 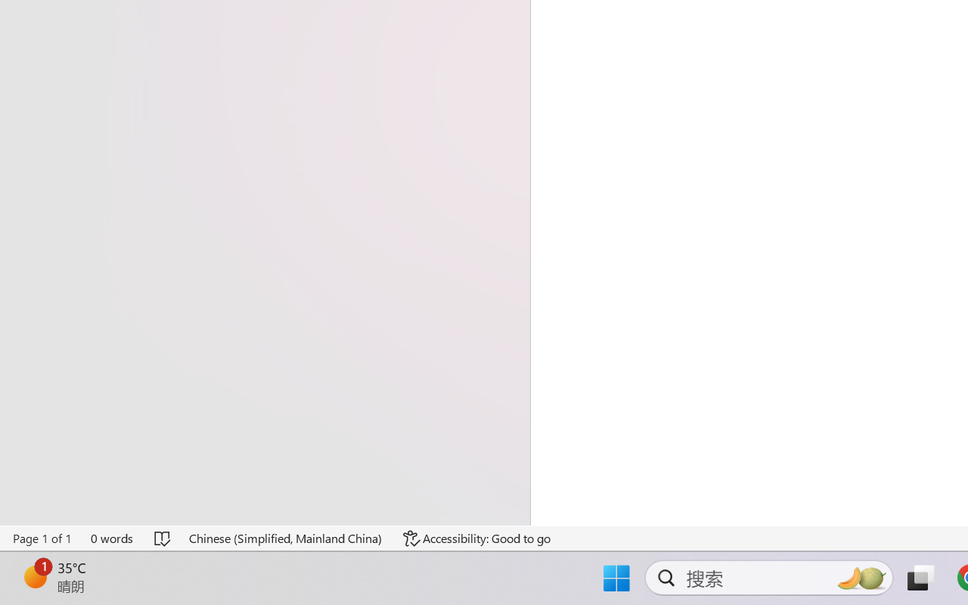 I want to click on 'Language Chinese (Simplified, Mainland China)', so click(x=286, y=538).